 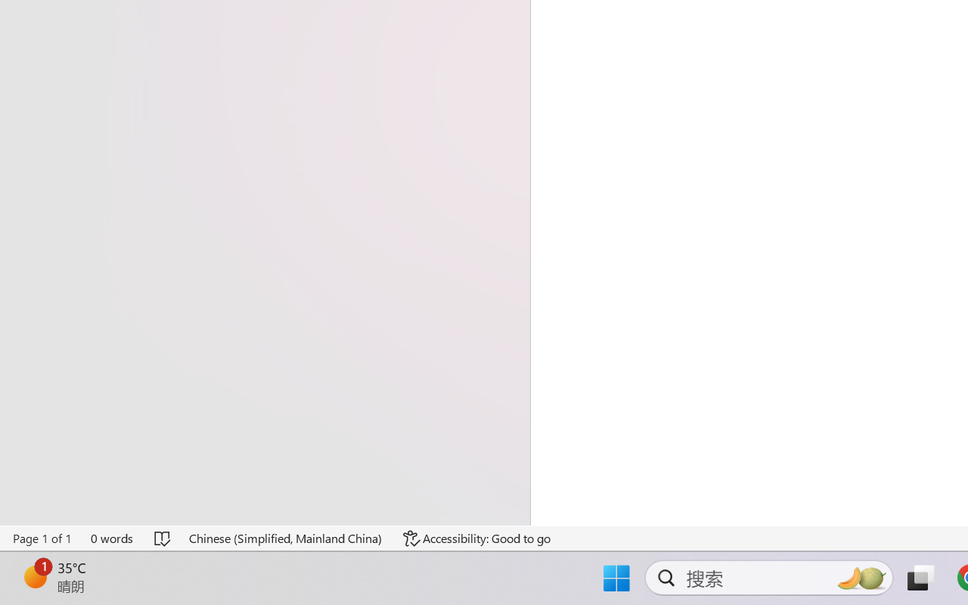 I want to click on 'Language Chinese (Simplified, Mainland China)', so click(x=286, y=538).